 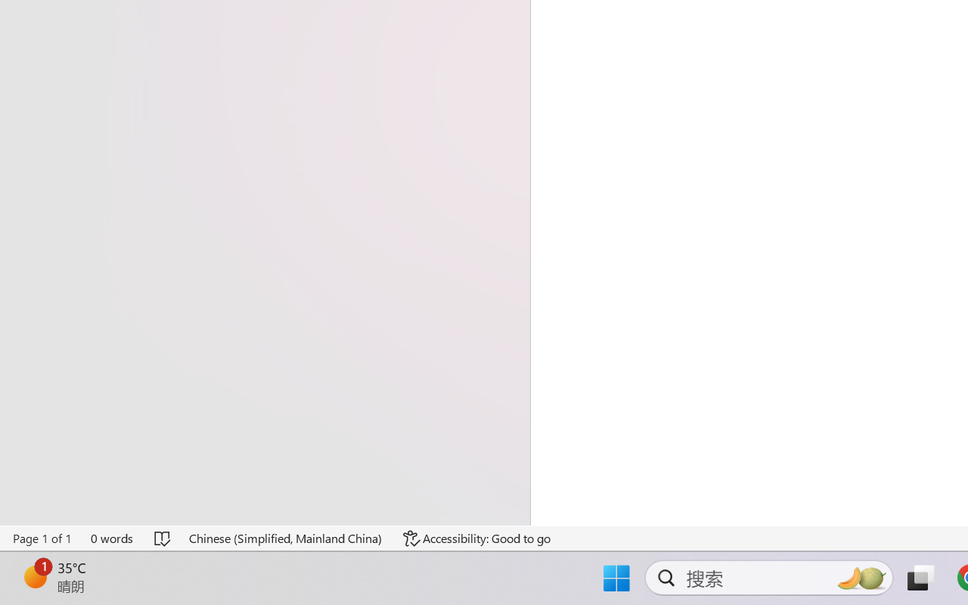 I want to click on 'Language Chinese (Simplified, Mainland China)', so click(x=286, y=538).